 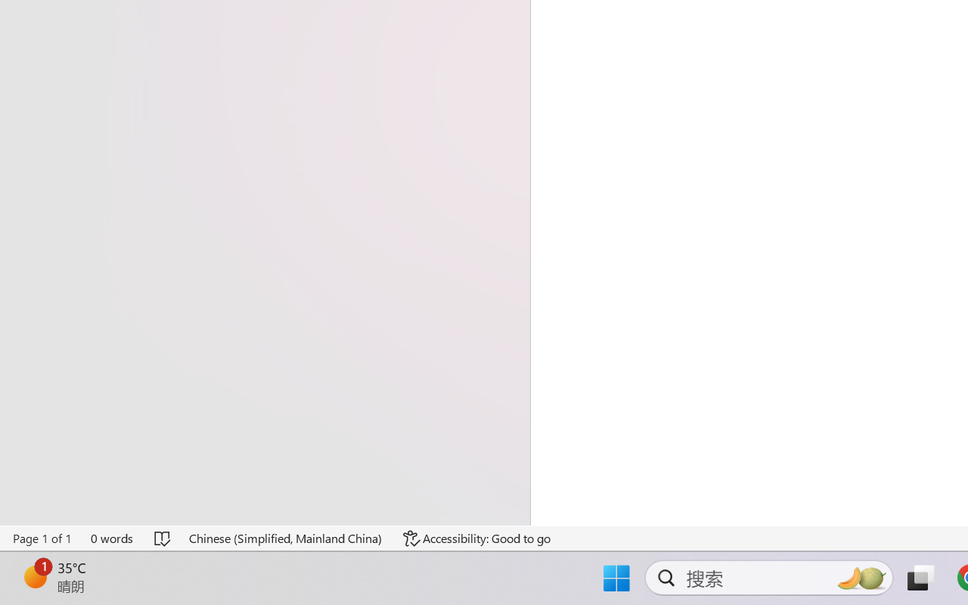 I want to click on 'Language Chinese (Simplified, Mainland China)', so click(x=286, y=538).